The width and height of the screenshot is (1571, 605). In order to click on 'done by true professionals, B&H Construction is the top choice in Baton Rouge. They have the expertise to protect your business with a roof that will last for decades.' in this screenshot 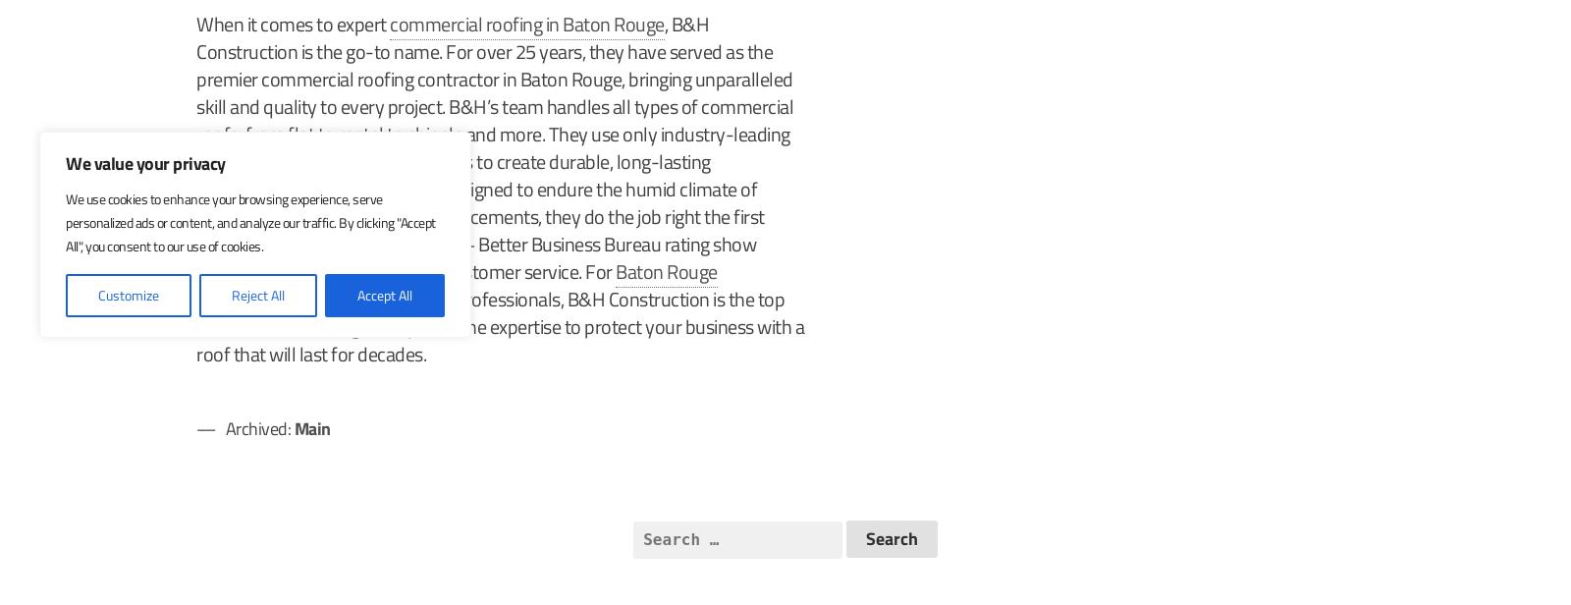, I will do `click(499, 326)`.